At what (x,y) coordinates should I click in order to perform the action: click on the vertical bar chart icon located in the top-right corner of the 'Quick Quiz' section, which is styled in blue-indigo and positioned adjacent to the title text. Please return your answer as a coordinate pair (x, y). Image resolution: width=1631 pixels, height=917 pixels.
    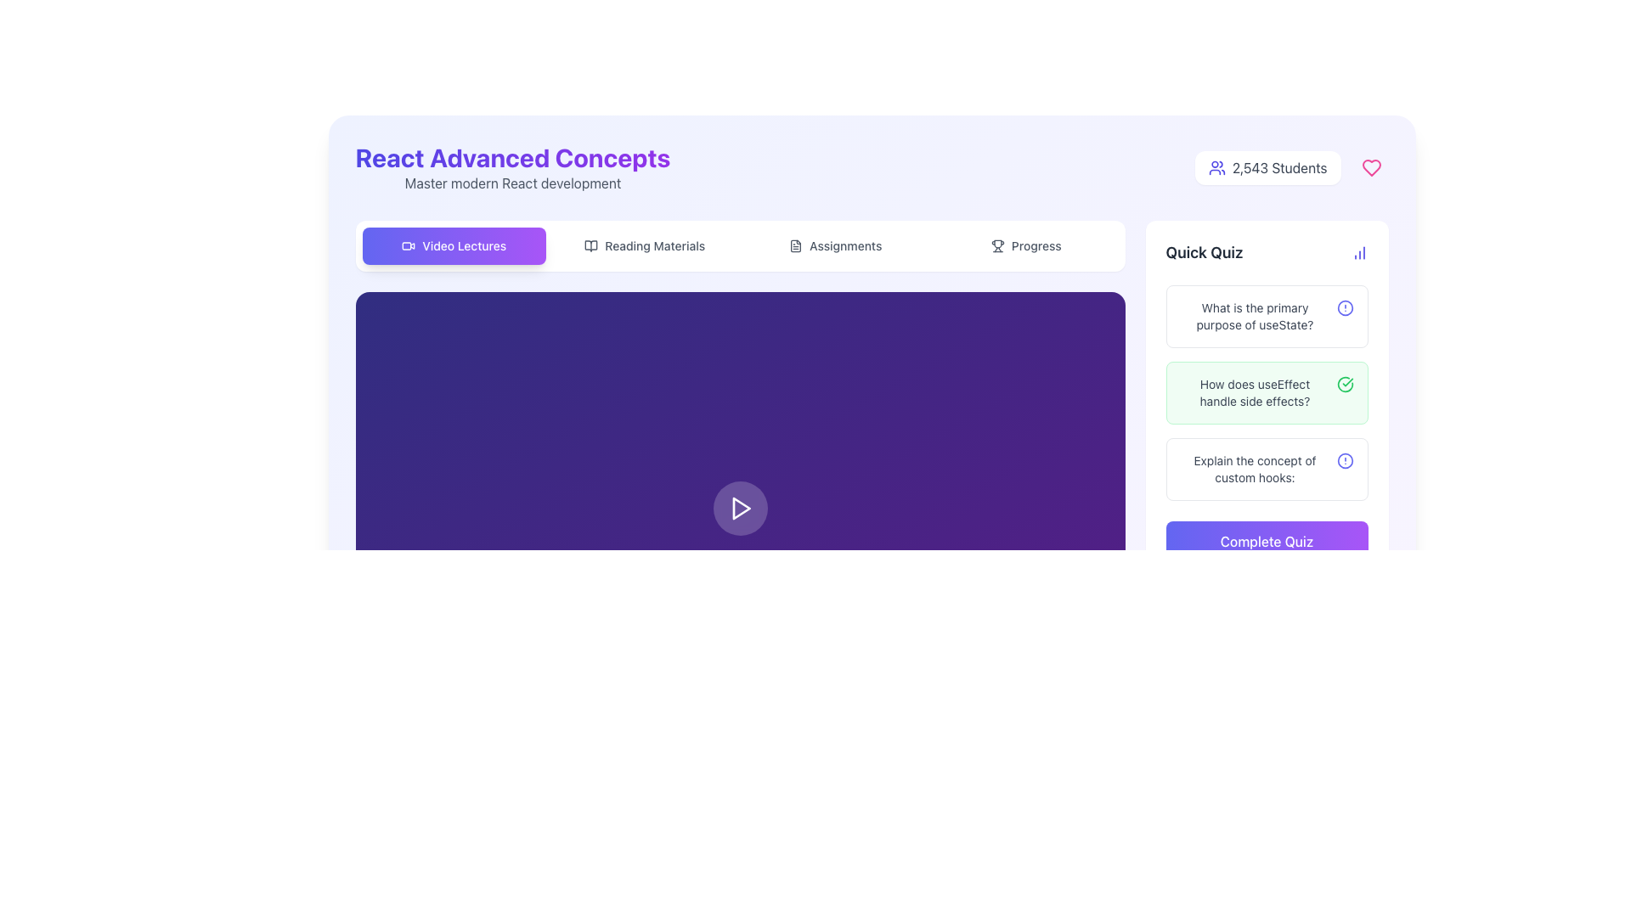
    Looking at the image, I should click on (1359, 252).